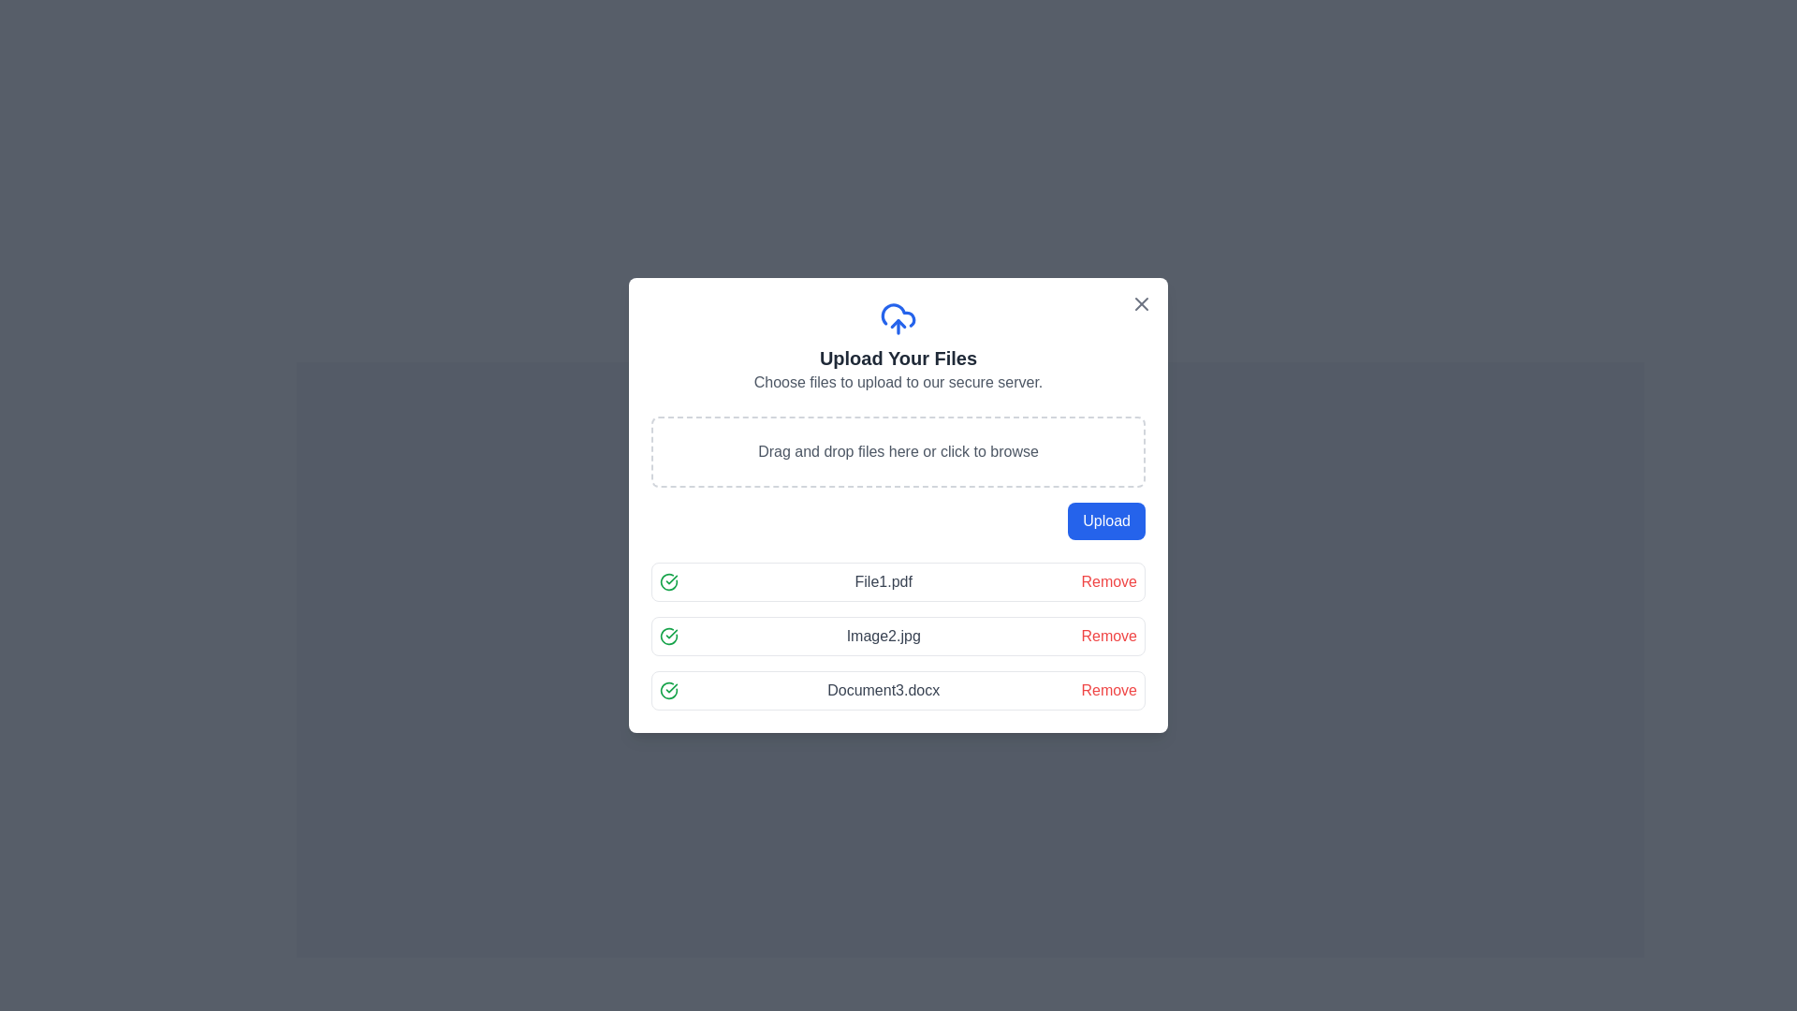 Image resolution: width=1797 pixels, height=1011 pixels. Describe the element at coordinates (1140, 302) in the screenshot. I see `the small square button with an 'X' icon in the top-right corner of the 'Upload Your Files' modal` at that location.